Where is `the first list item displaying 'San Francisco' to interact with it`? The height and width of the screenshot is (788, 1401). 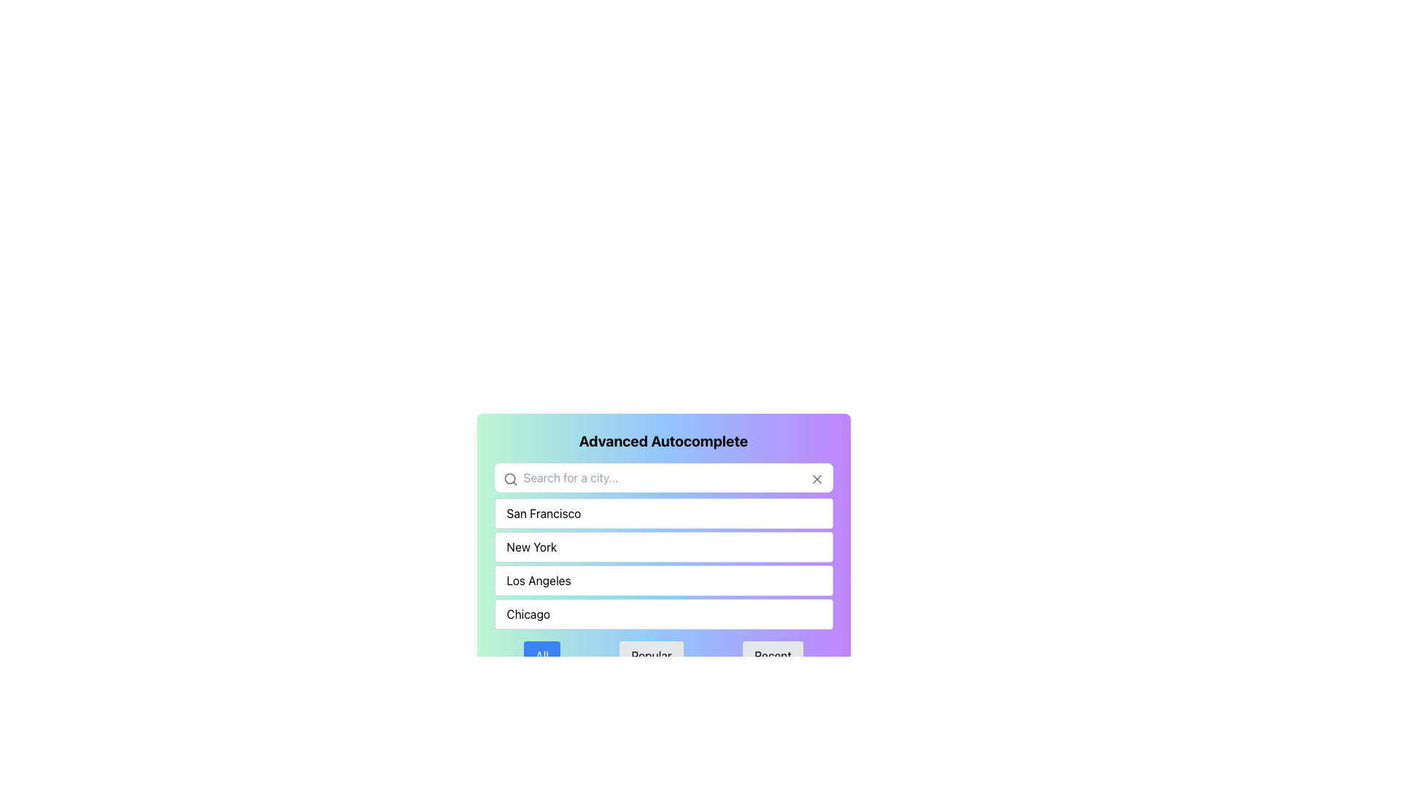
the first list item displaying 'San Francisco' to interact with it is located at coordinates (663, 513).